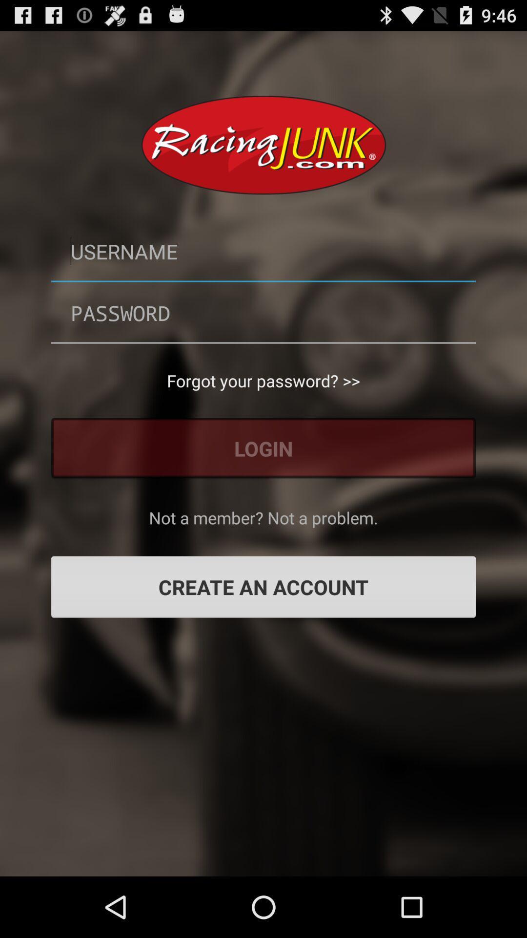 The image size is (527, 938). What do you see at coordinates (263, 448) in the screenshot?
I see `icon below forgot your password? >> item` at bounding box center [263, 448].